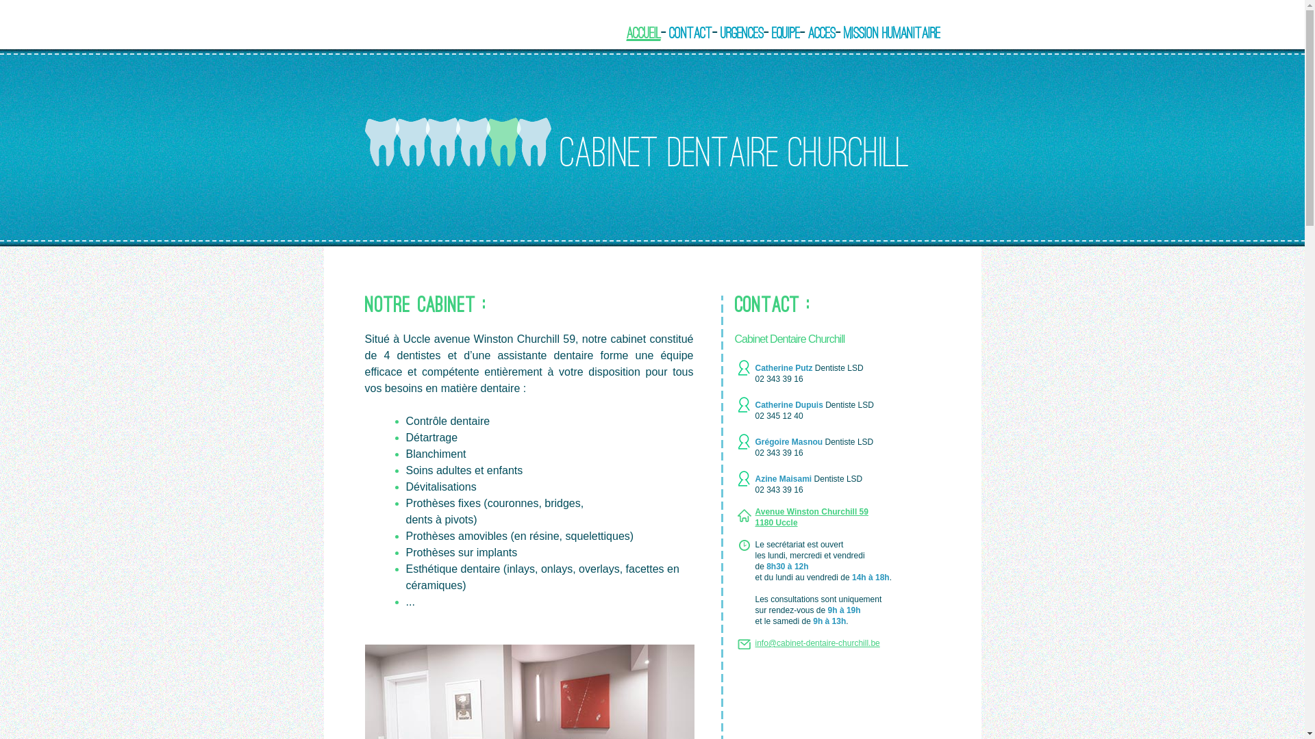 This screenshot has height=739, width=1315. I want to click on 'Acces', so click(822, 32).